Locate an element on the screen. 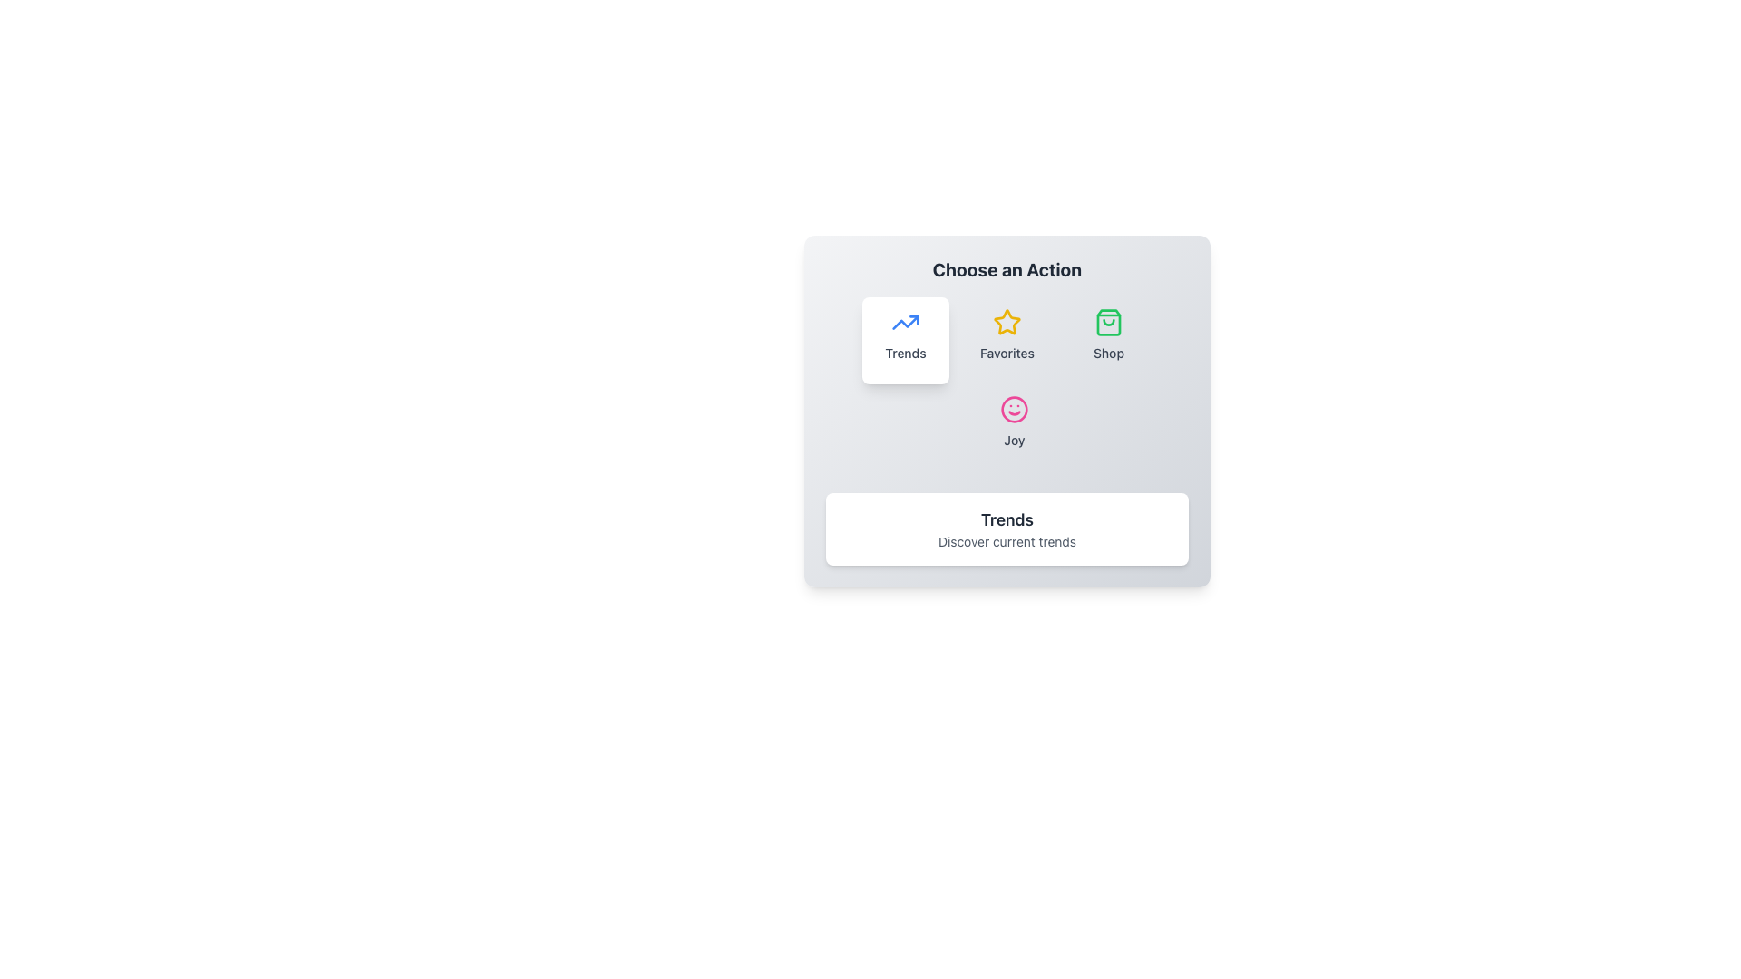 This screenshot has width=1741, height=979. the label with bold, large-sized text 'Choose an Action' that is centered at the top of the card-like component is located at coordinates (1006, 269).